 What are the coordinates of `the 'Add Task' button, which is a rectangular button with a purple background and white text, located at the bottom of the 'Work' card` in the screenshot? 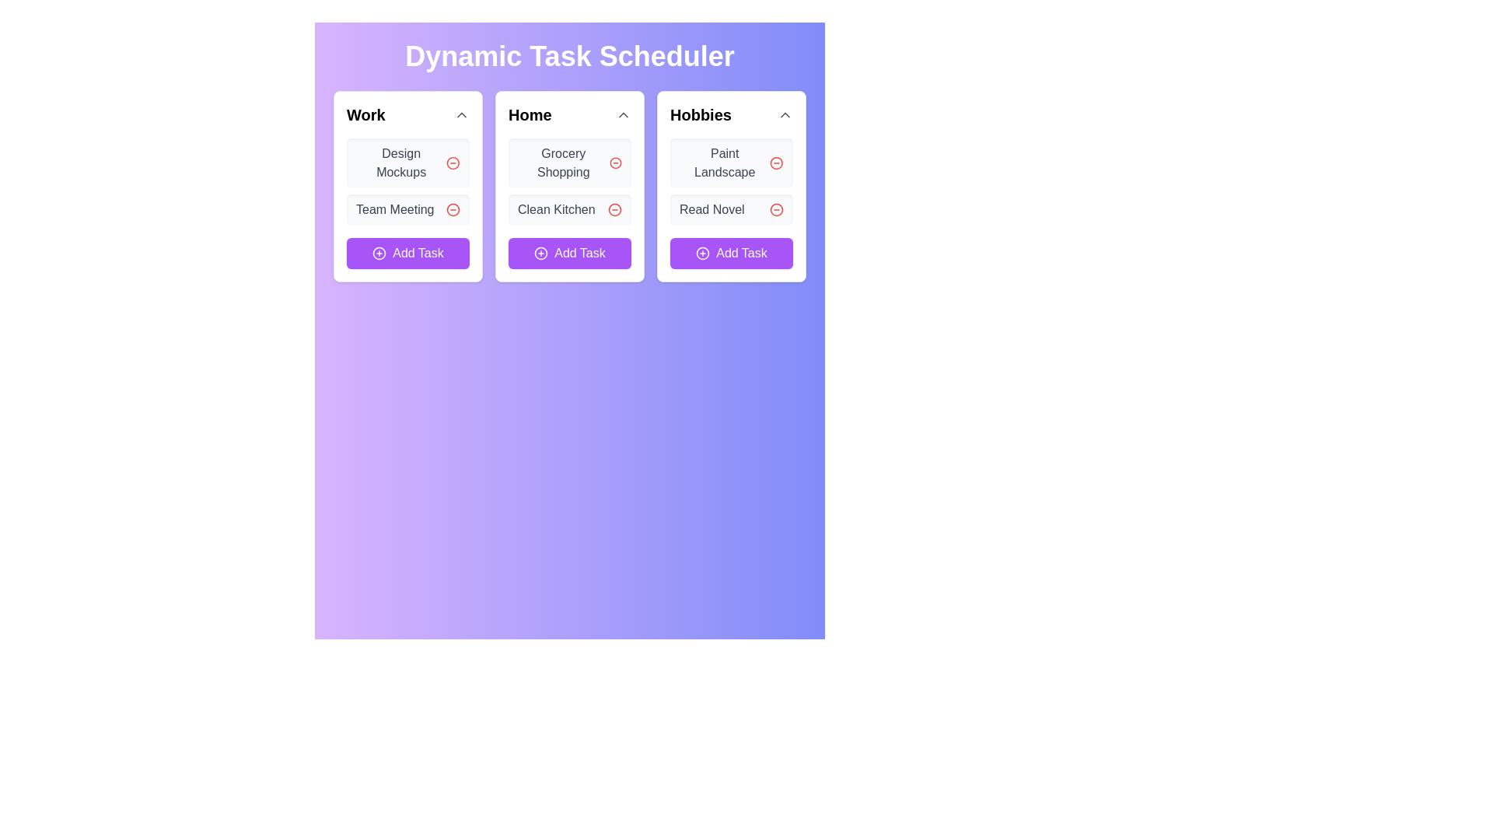 It's located at (407, 253).